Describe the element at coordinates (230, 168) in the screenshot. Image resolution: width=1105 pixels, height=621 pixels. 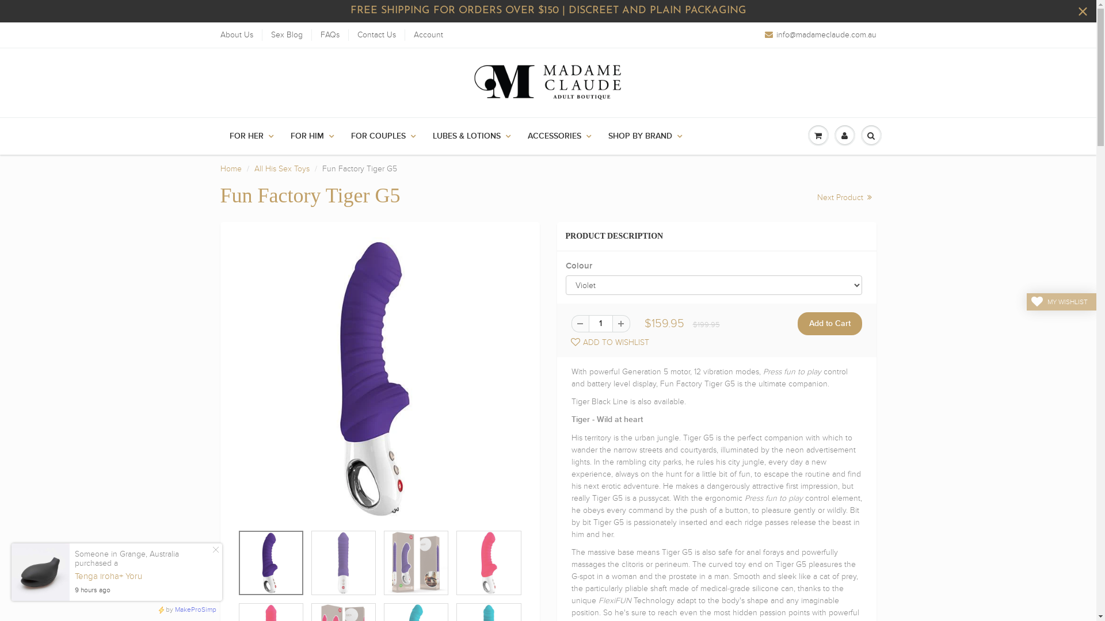
I see `'Home'` at that location.